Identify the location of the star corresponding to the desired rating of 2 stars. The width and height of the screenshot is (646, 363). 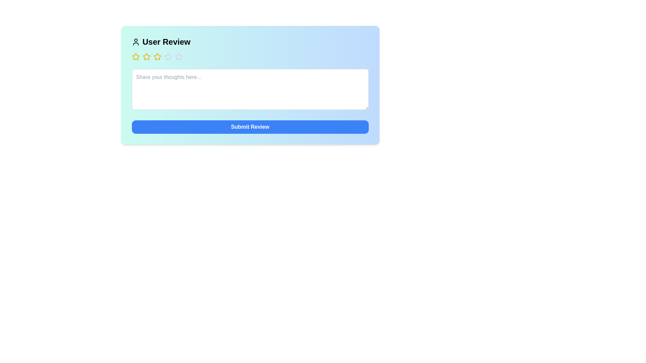
(146, 56).